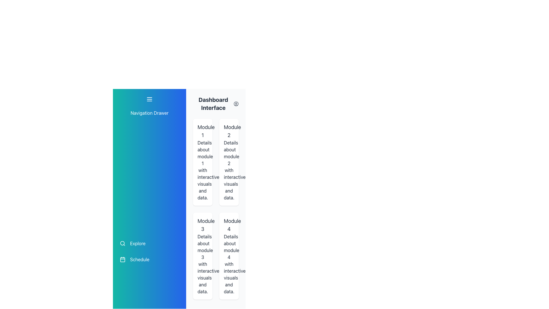 Image resolution: width=549 pixels, height=309 pixels. I want to click on the magnifying glass icon located in the navigation menu, near the 'Explore' label, to initiate a search function, so click(122, 243).